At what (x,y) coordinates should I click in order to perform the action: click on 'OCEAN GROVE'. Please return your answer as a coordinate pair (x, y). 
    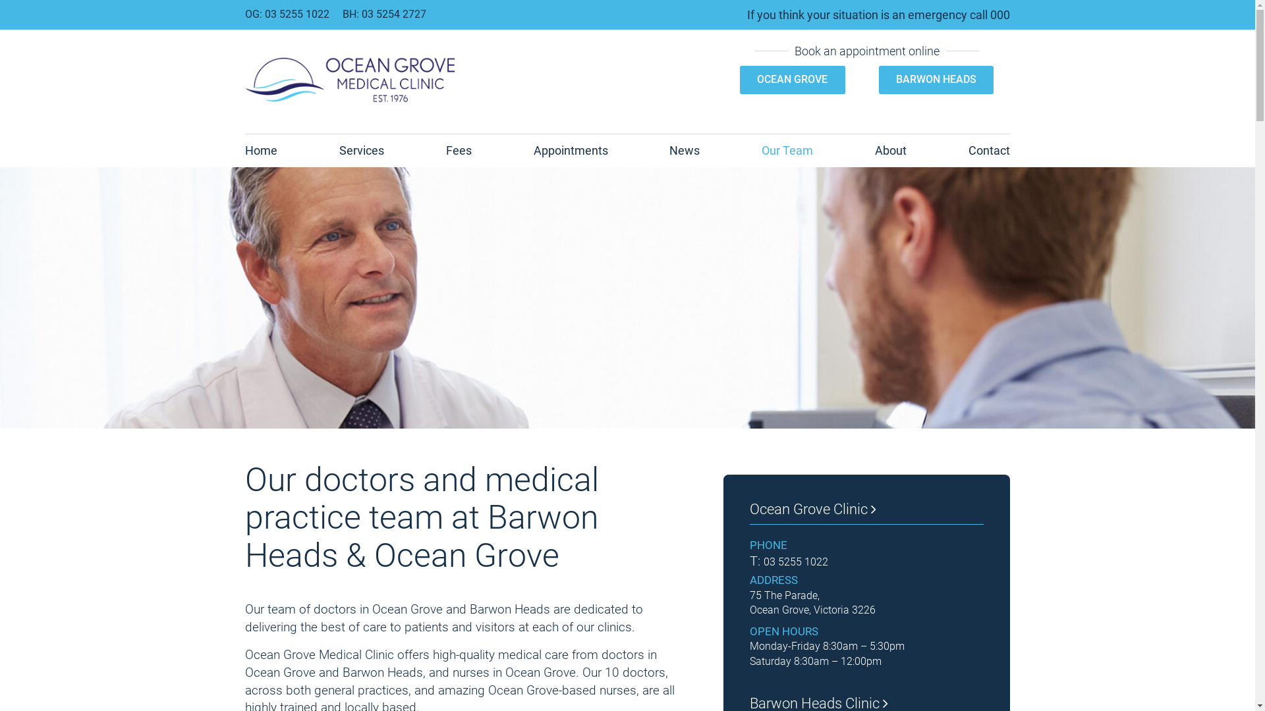
    Looking at the image, I should click on (791, 79).